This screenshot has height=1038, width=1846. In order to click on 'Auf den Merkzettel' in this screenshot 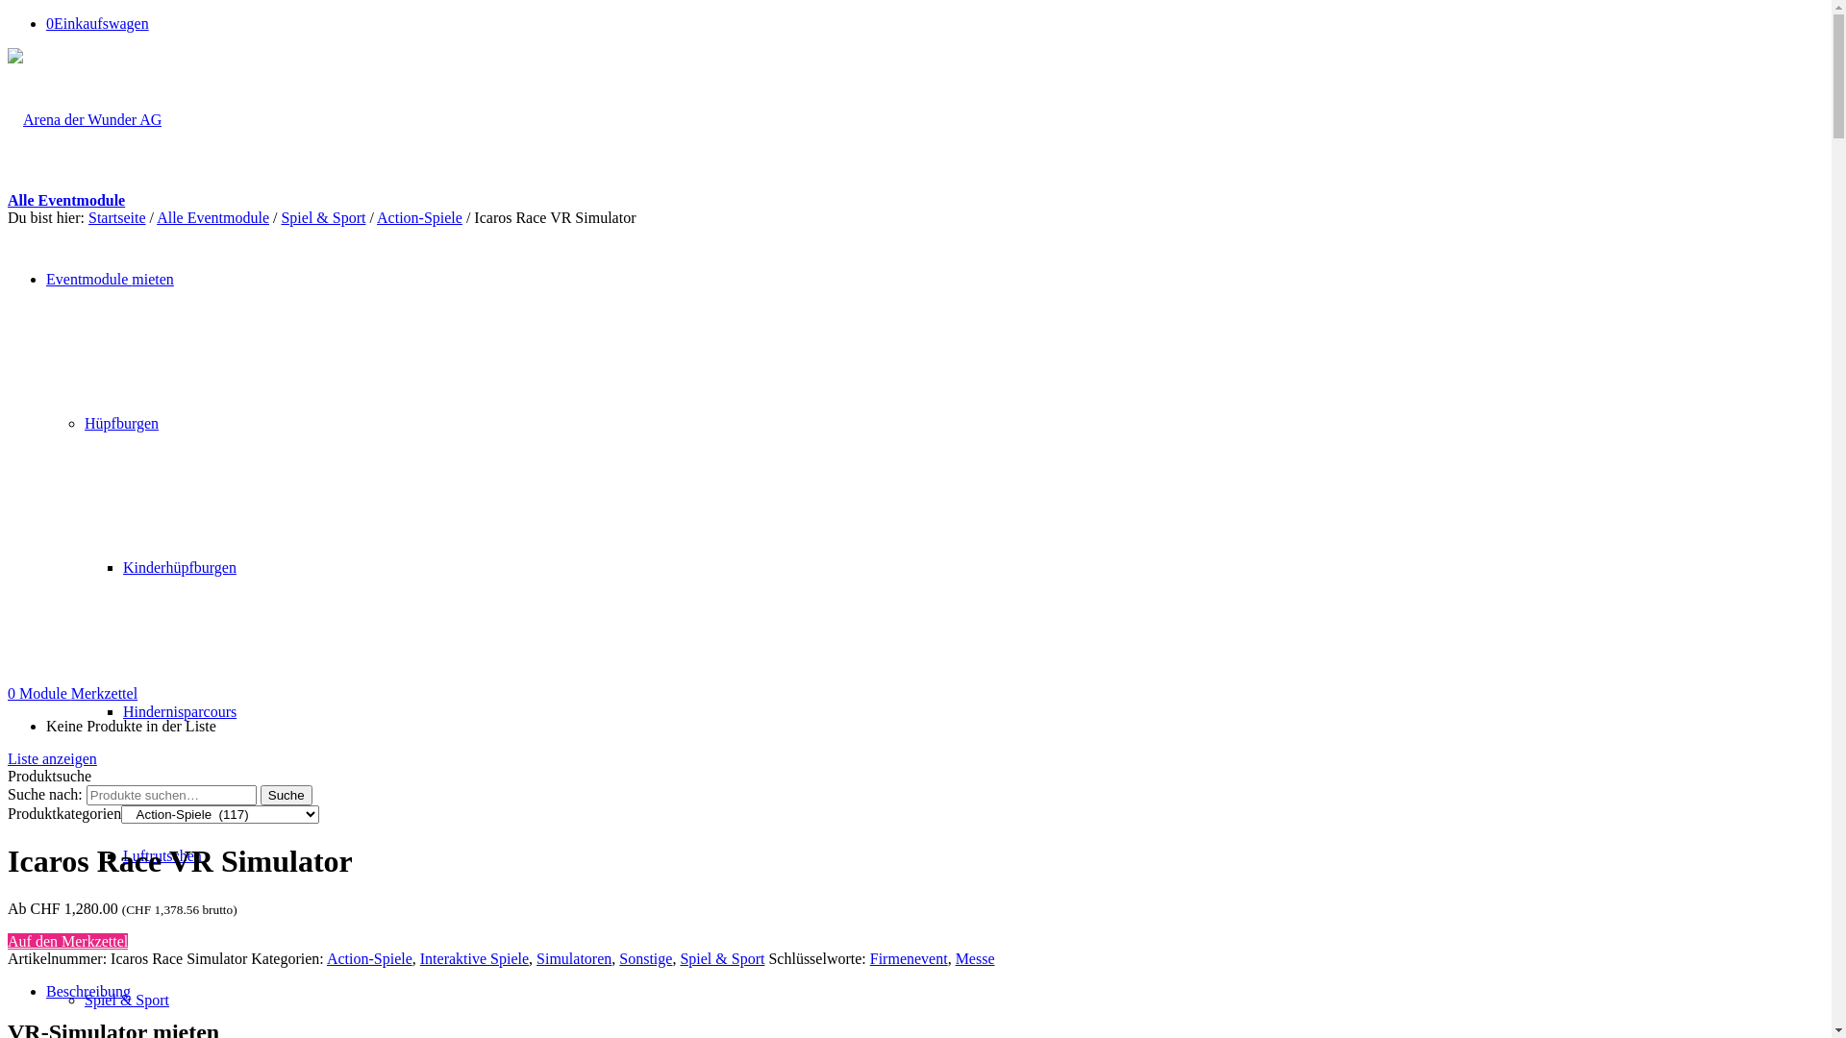, I will do `click(8, 940)`.